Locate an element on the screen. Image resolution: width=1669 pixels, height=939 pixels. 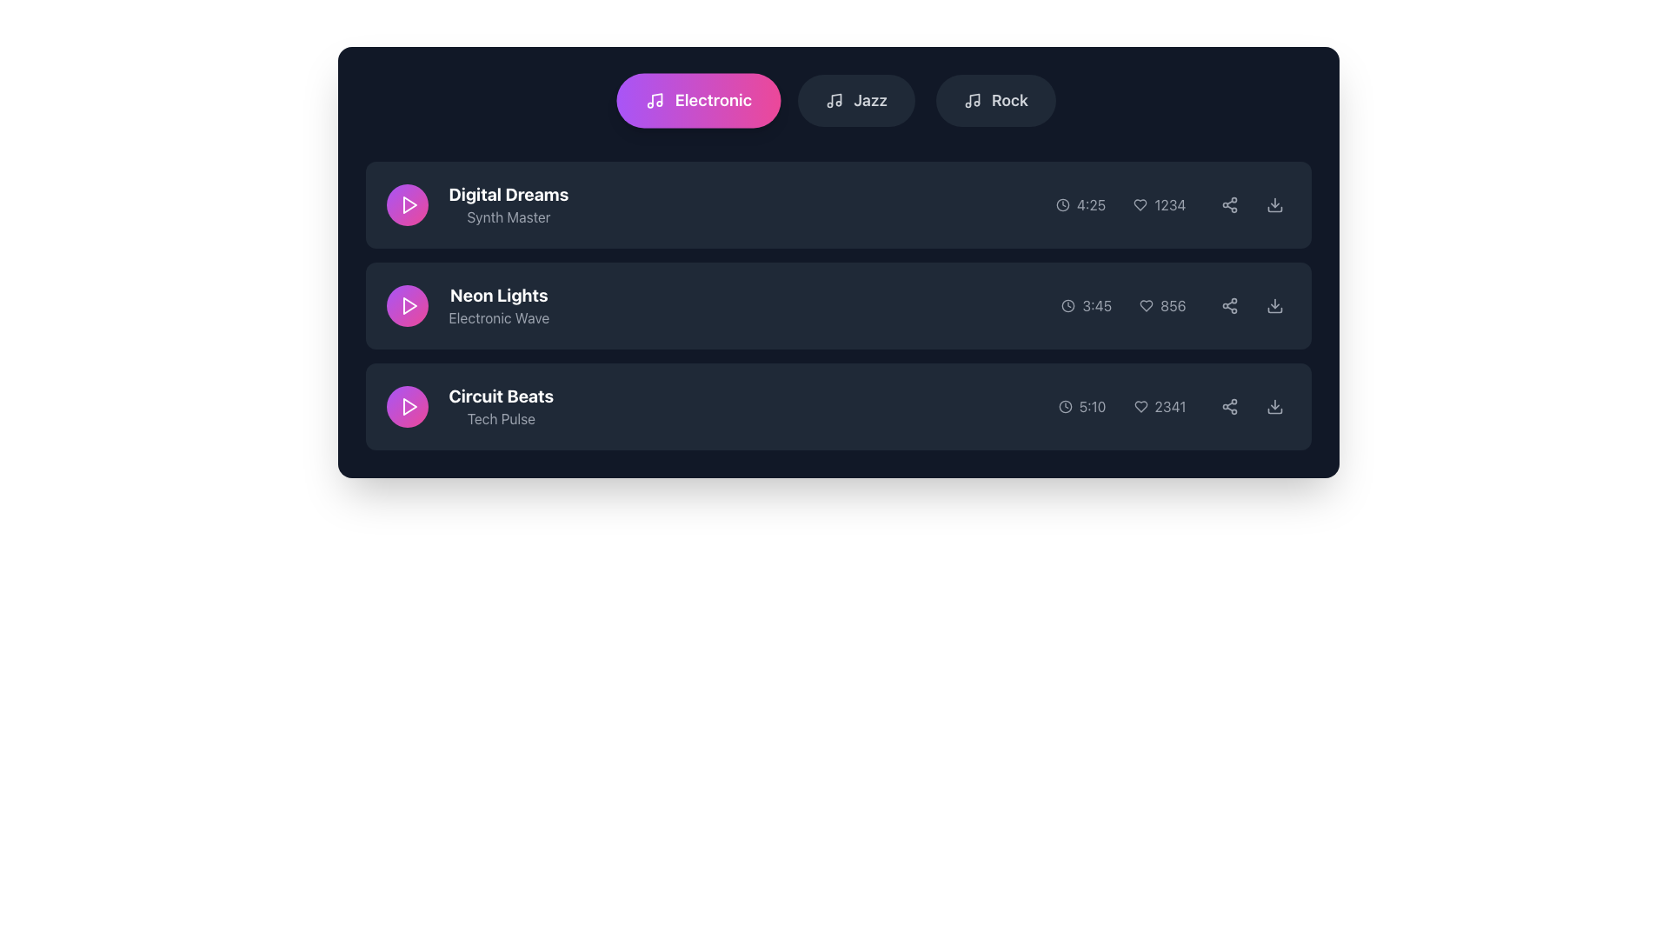
the outlined heart SVG icon is located at coordinates (1147, 304).